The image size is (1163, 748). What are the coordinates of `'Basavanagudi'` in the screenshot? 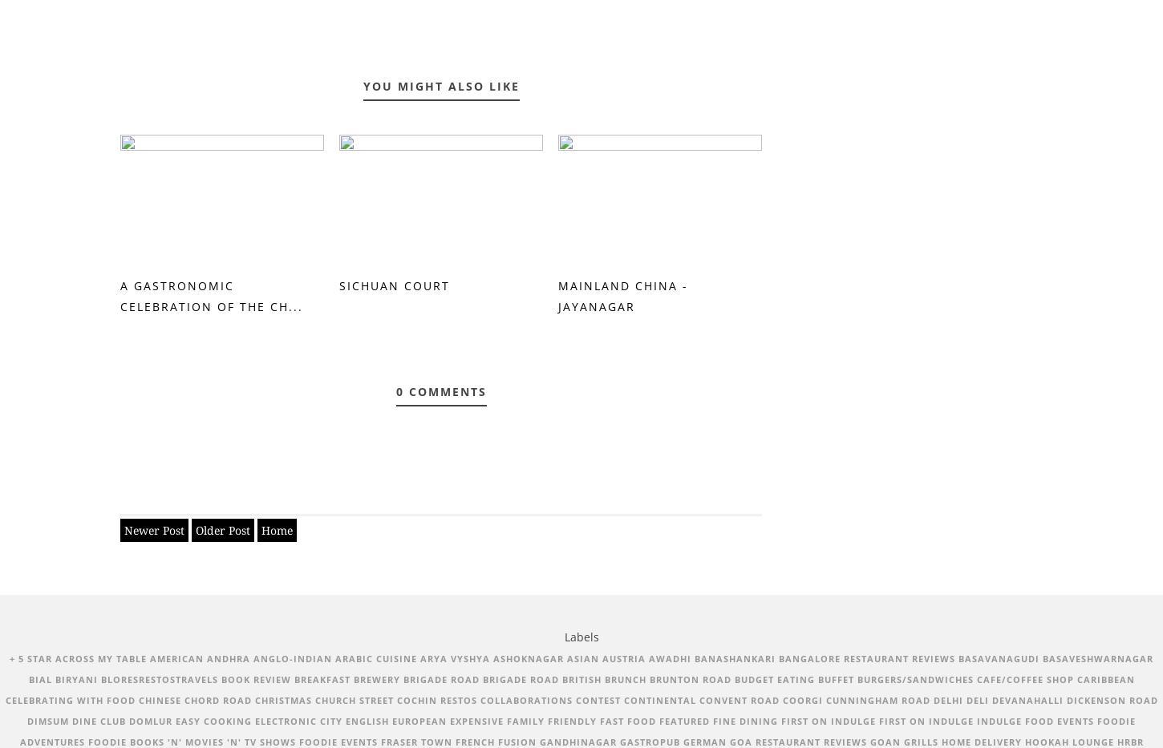 It's located at (999, 657).